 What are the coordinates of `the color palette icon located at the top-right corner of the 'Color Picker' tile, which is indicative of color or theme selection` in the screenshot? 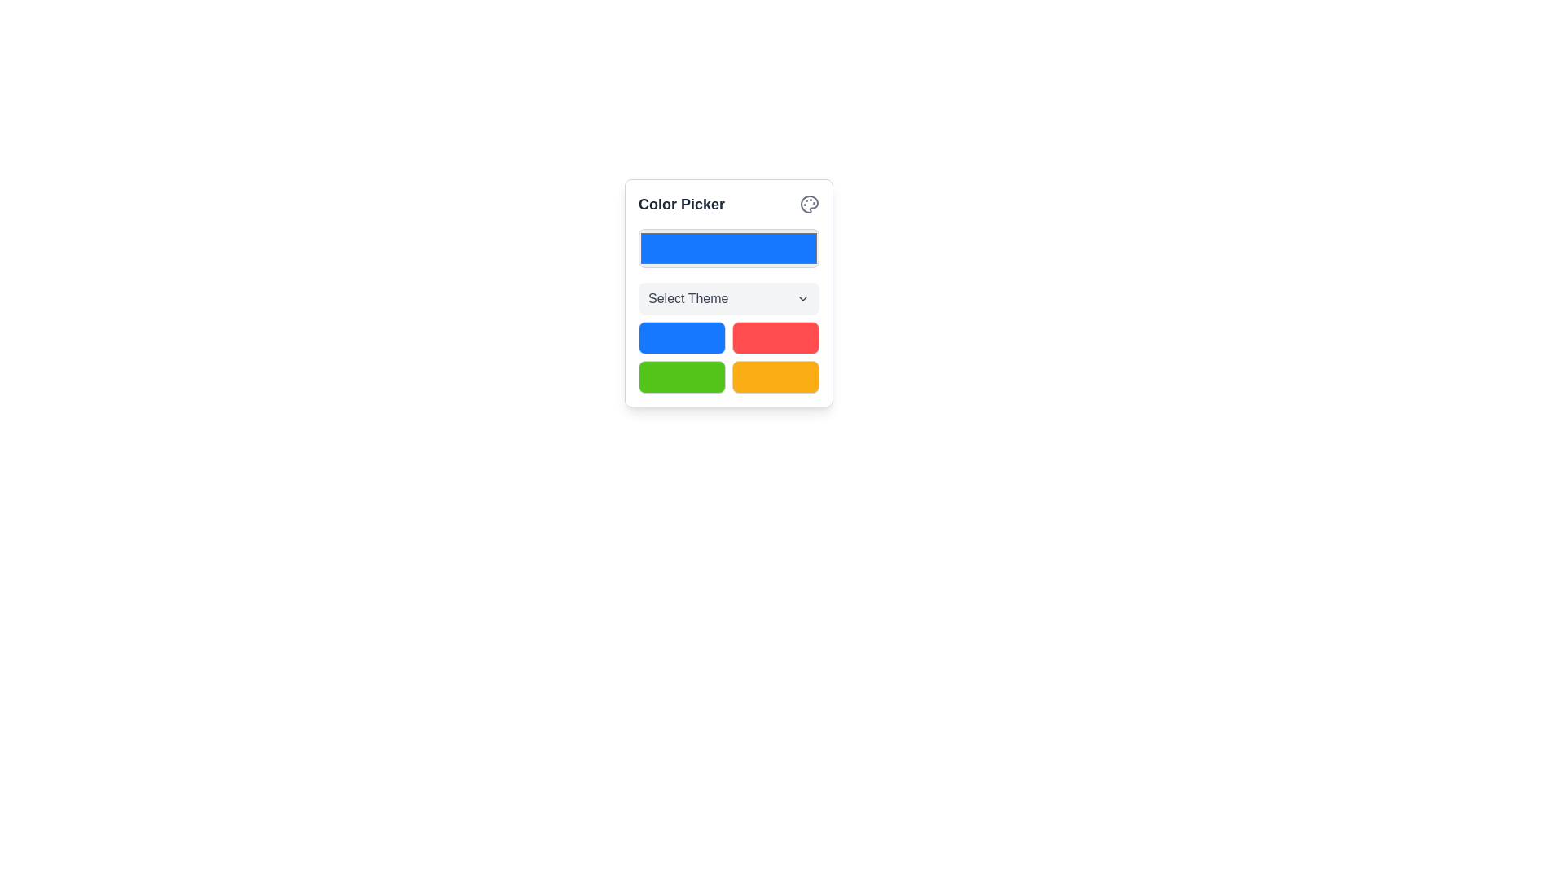 It's located at (809, 203).